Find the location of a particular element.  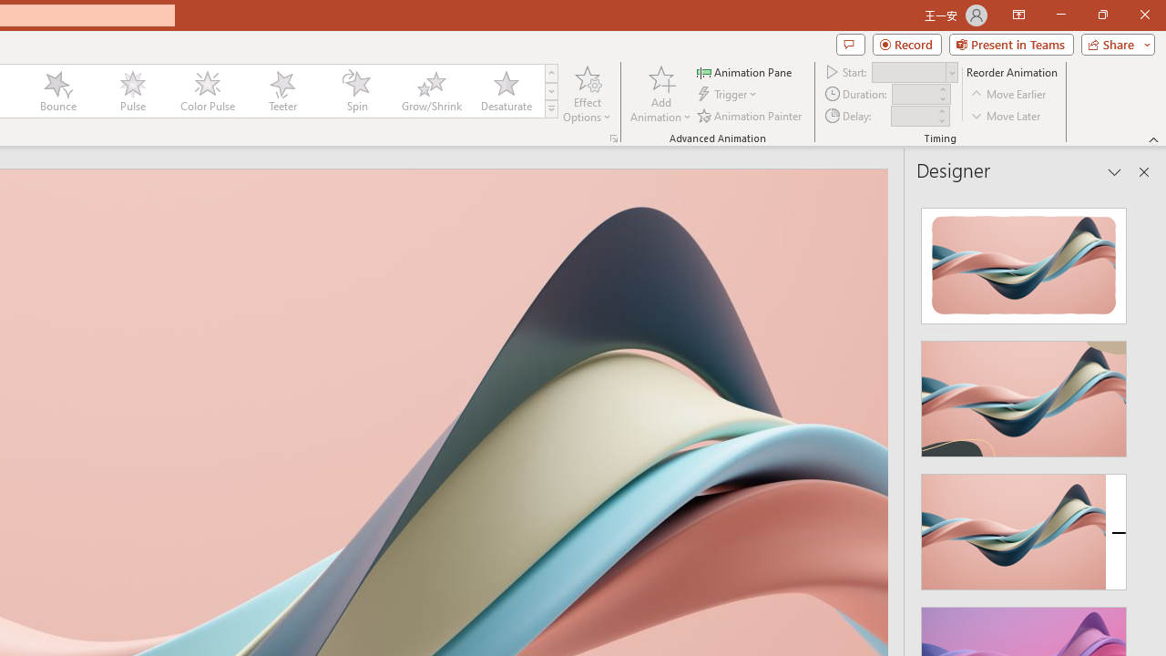

'Bounce' is located at coordinates (58, 91).